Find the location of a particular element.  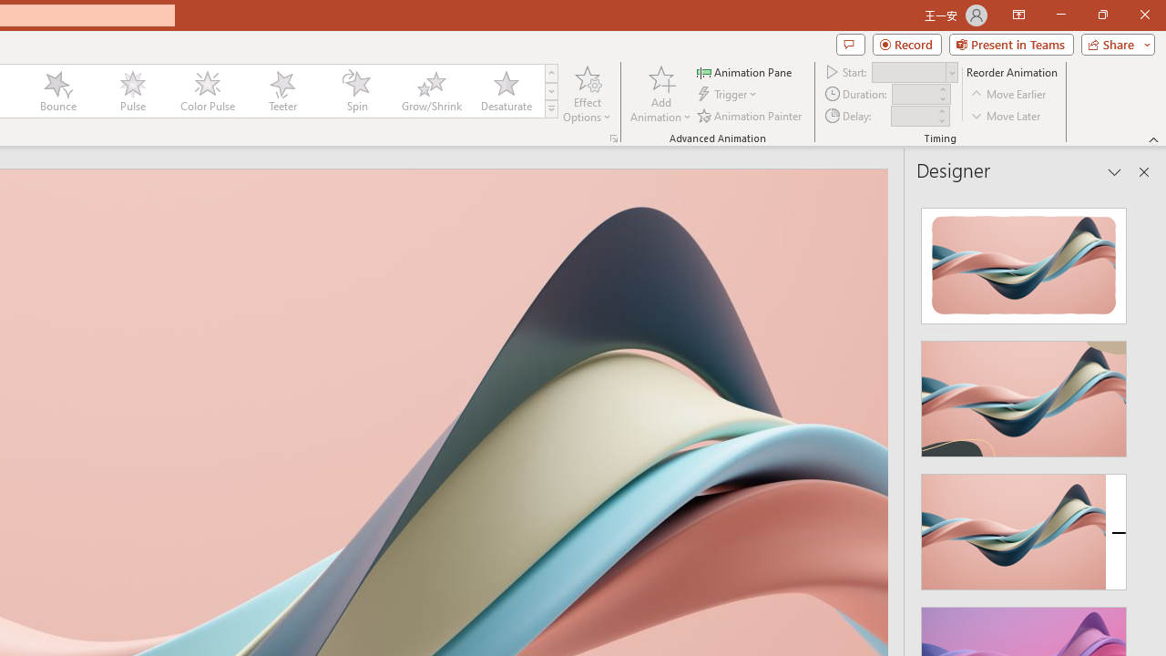

'Bounce' is located at coordinates (58, 91).